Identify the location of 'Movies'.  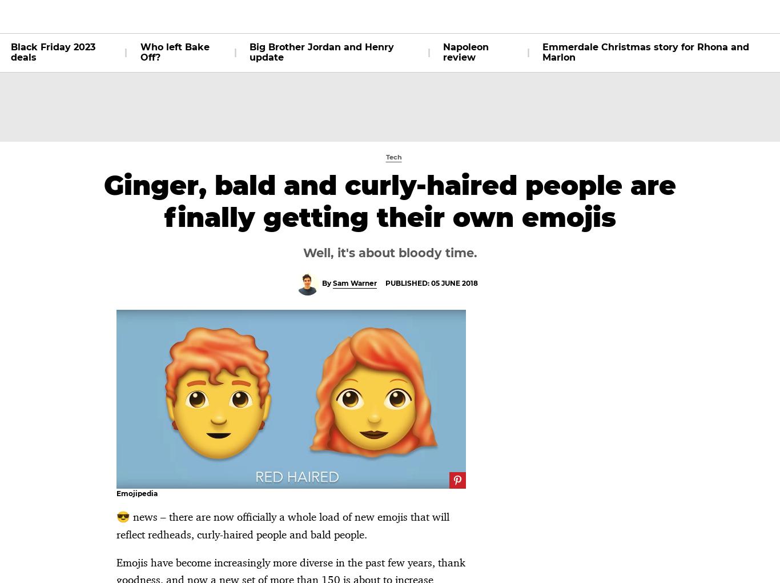
(231, 15).